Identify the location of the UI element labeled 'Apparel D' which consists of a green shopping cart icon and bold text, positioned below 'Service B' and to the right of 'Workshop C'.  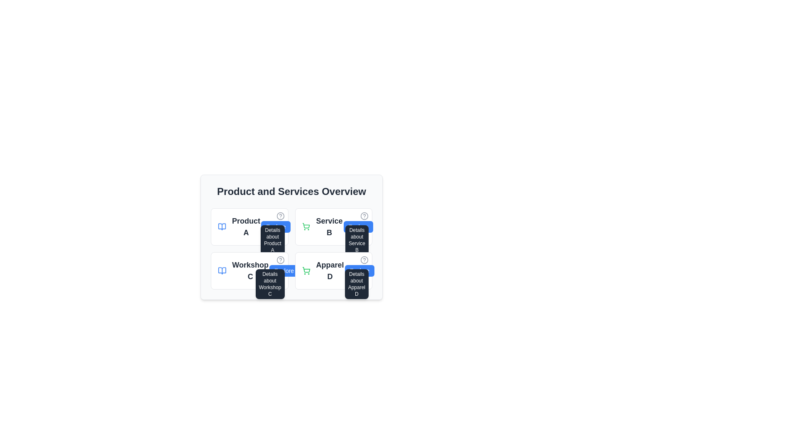
(323, 270).